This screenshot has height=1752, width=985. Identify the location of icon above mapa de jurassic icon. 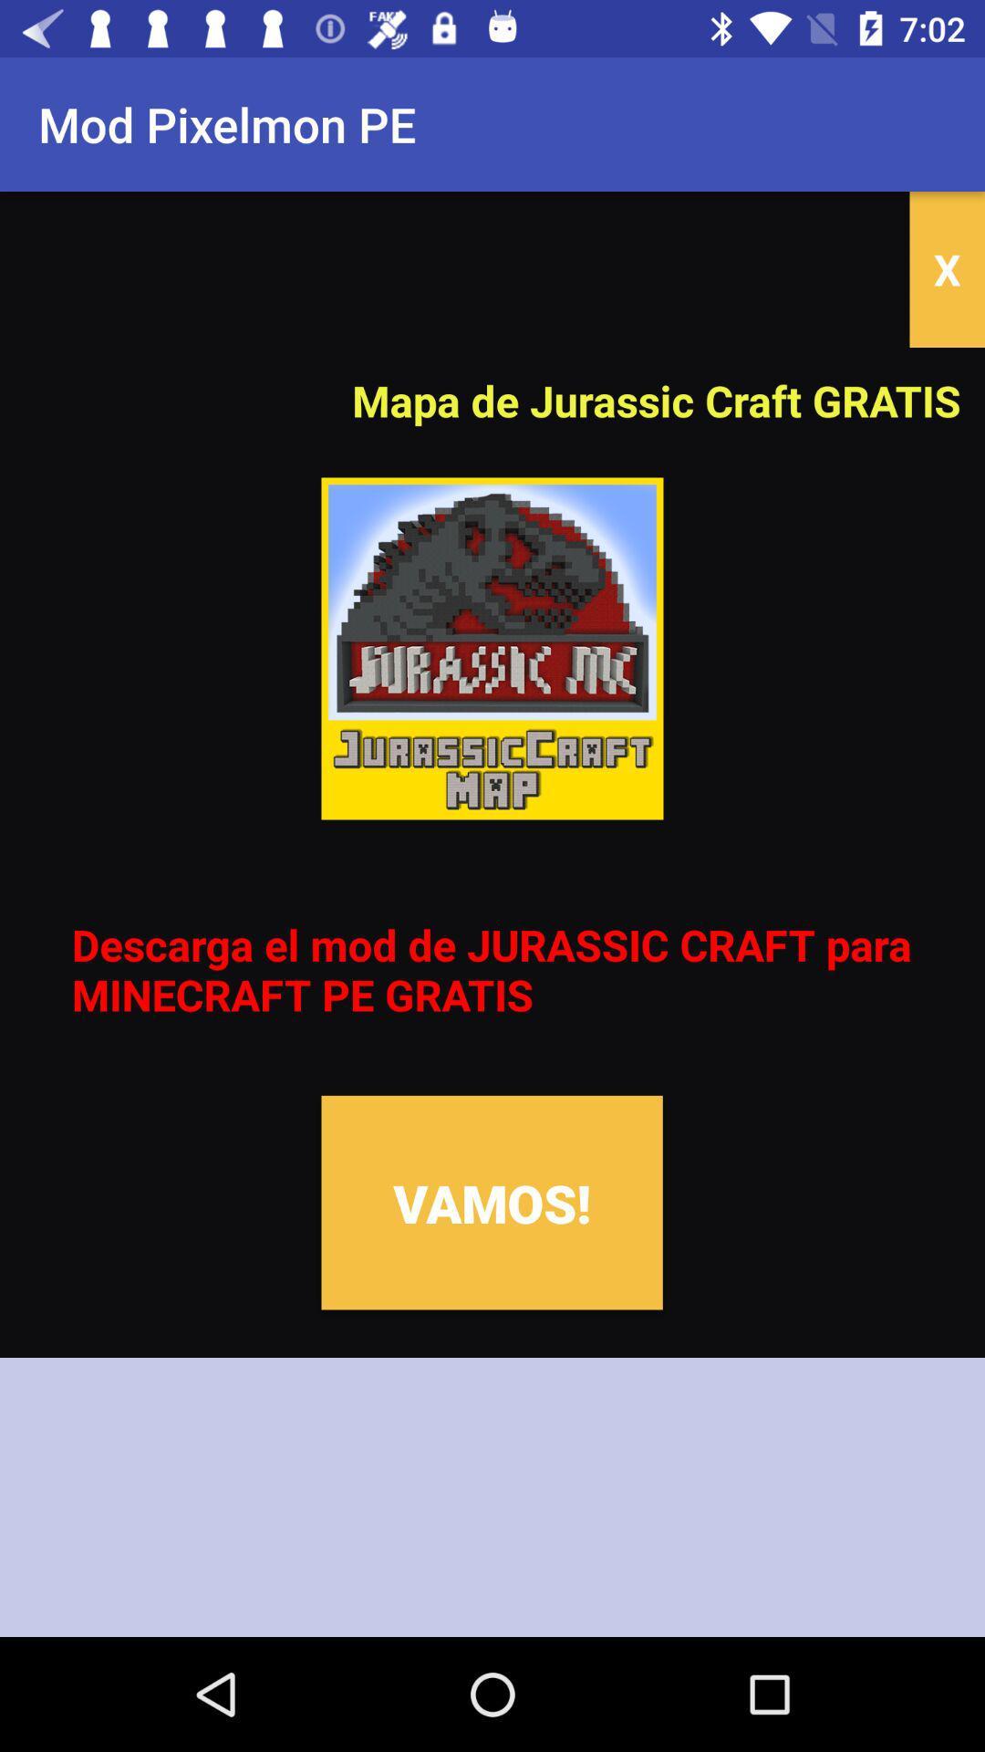
(946, 268).